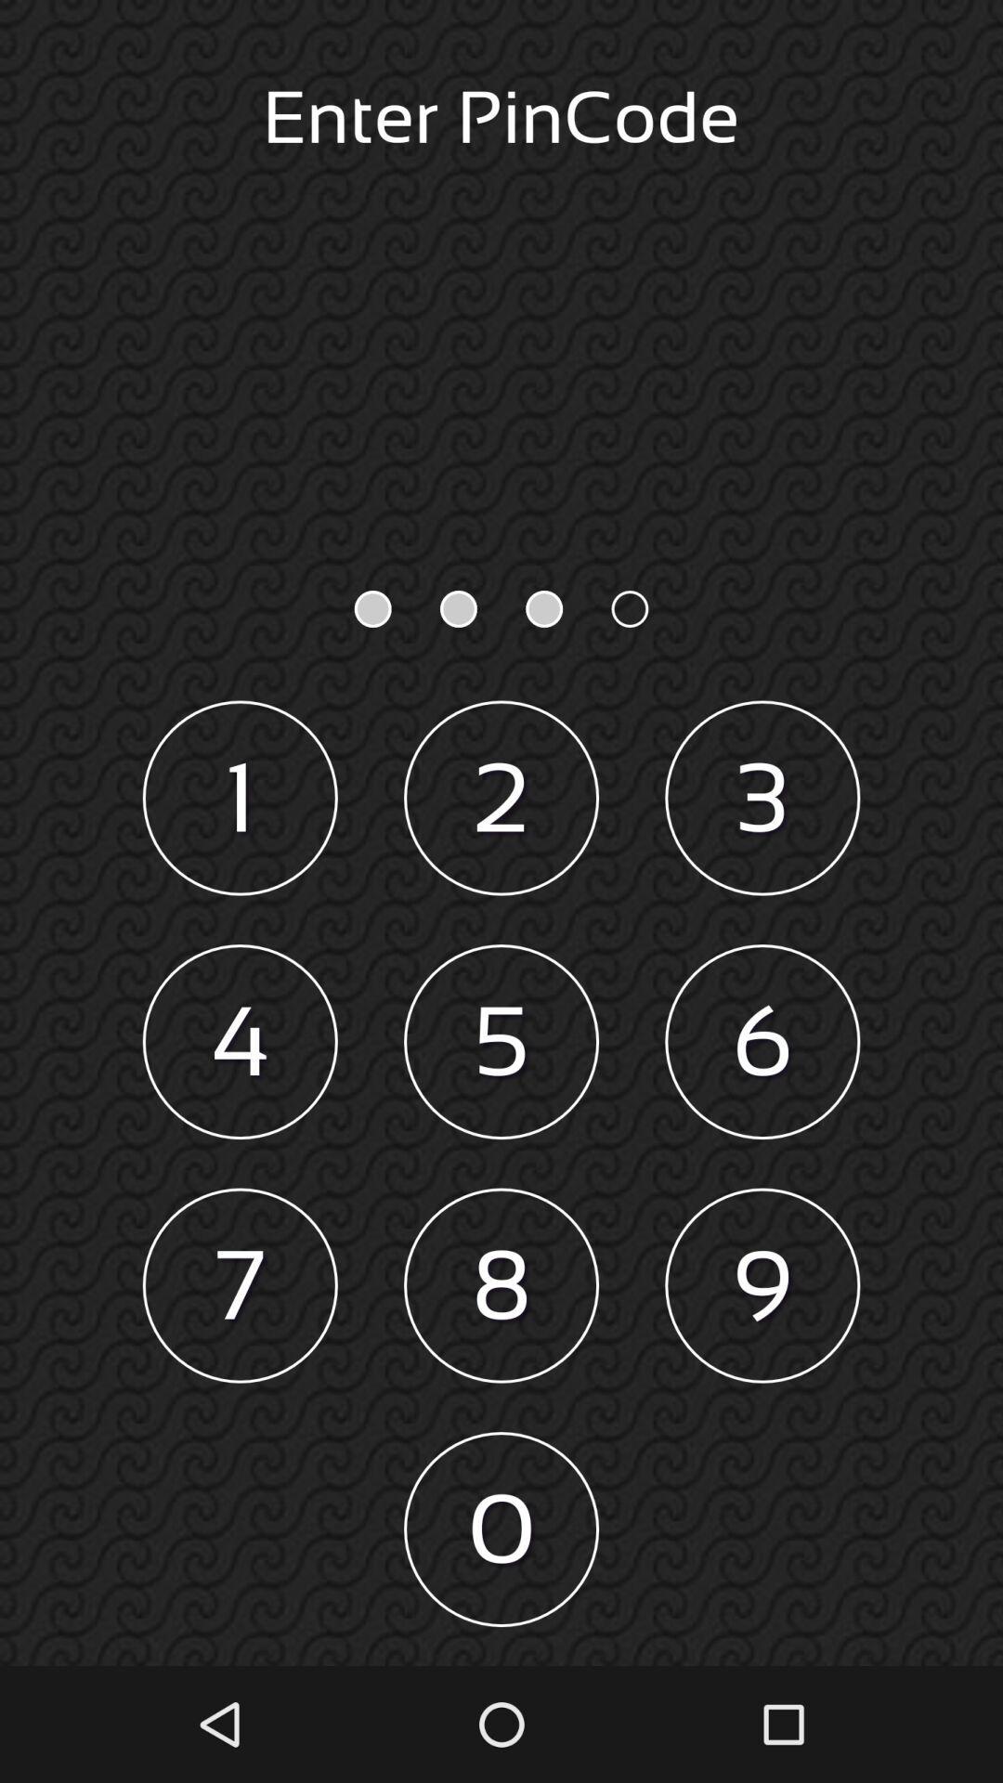 This screenshot has height=1783, width=1003. What do you see at coordinates (762, 1042) in the screenshot?
I see `6` at bounding box center [762, 1042].